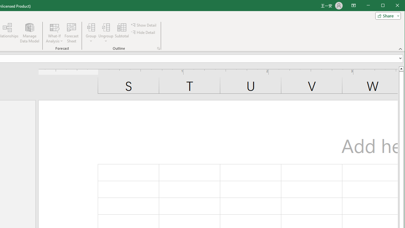  What do you see at coordinates (399, 6) in the screenshot?
I see `'Close'` at bounding box center [399, 6].